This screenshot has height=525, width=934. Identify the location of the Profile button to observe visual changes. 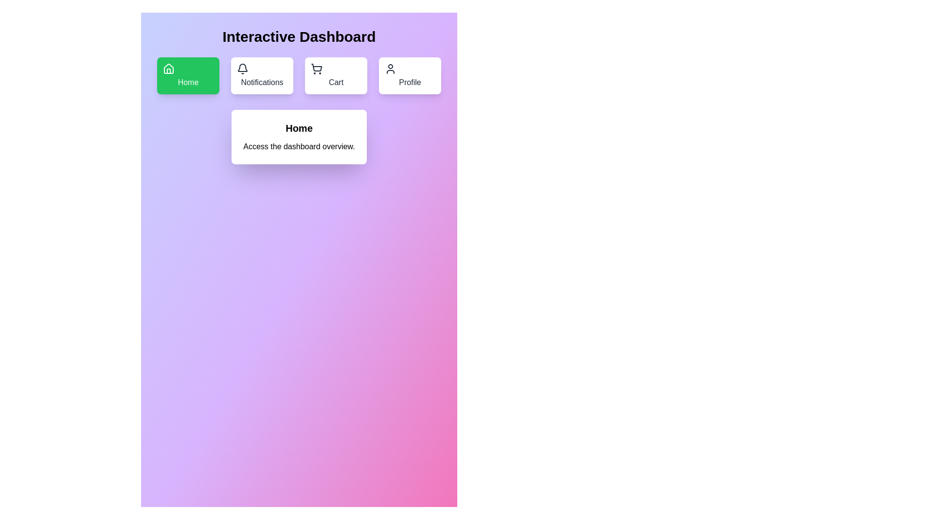
(410, 75).